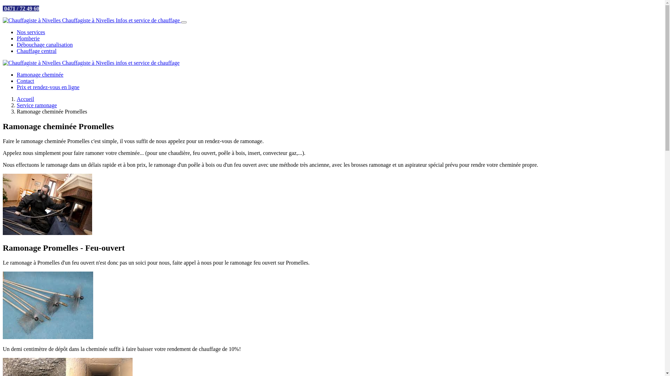  I want to click on 'Service ramonage', so click(36, 105).